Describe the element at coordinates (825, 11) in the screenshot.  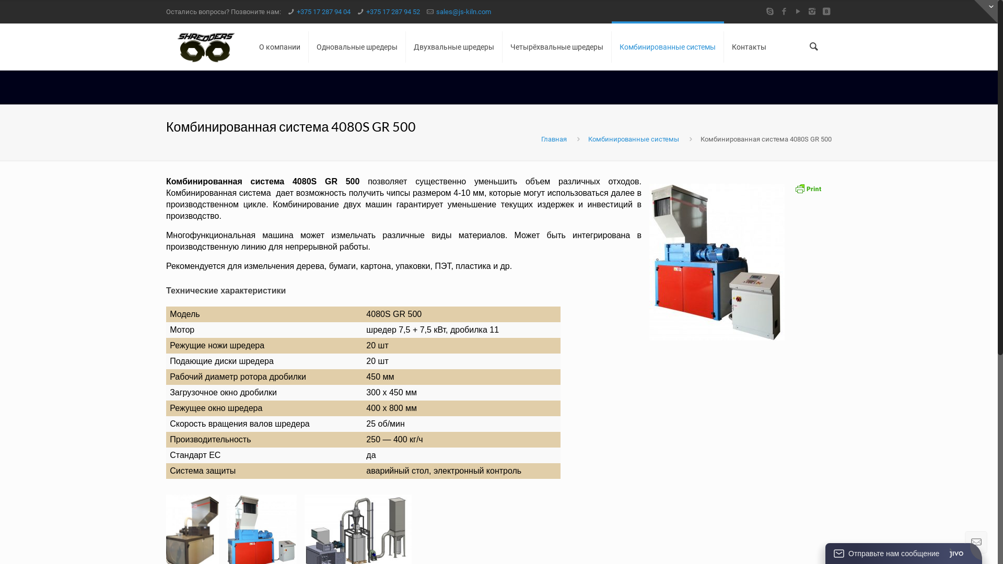
I see `'VKontakte'` at that location.